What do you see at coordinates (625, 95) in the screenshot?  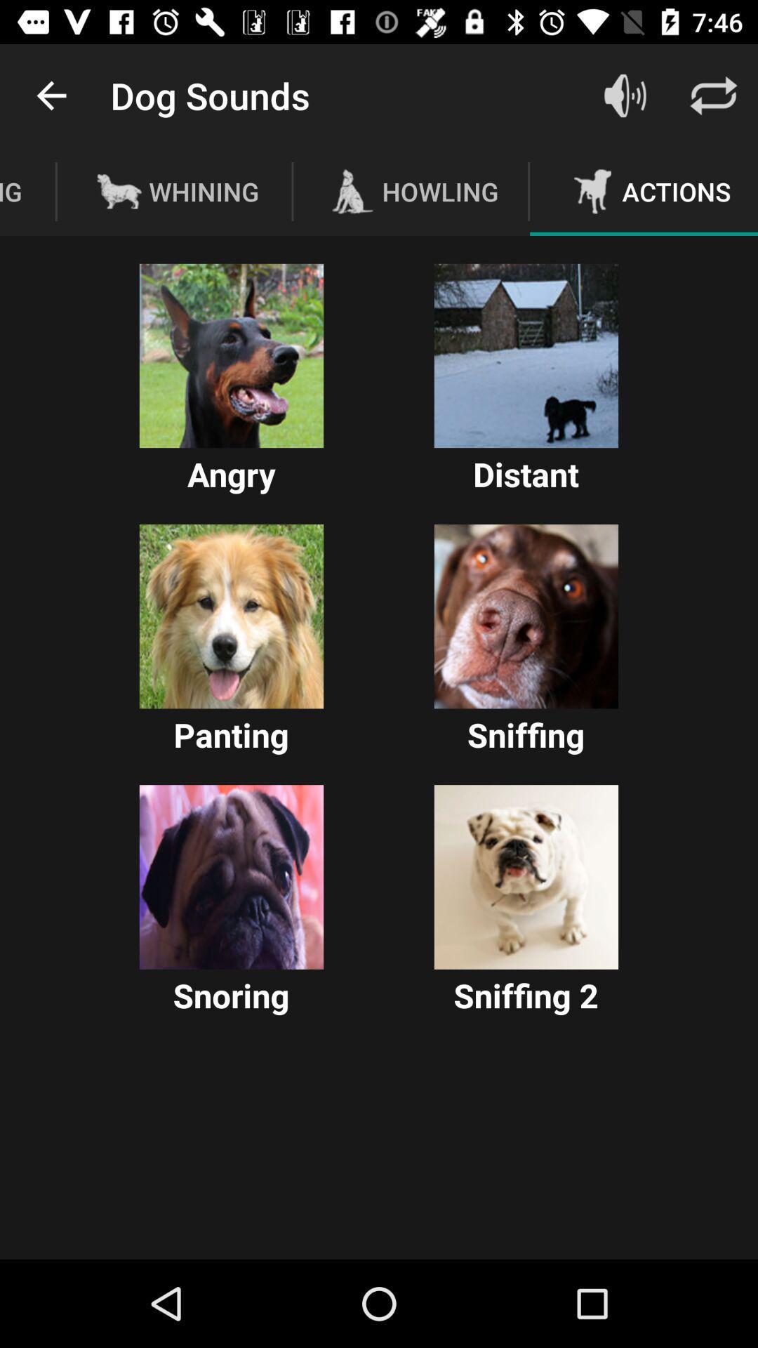 I see `audio off` at bounding box center [625, 95].